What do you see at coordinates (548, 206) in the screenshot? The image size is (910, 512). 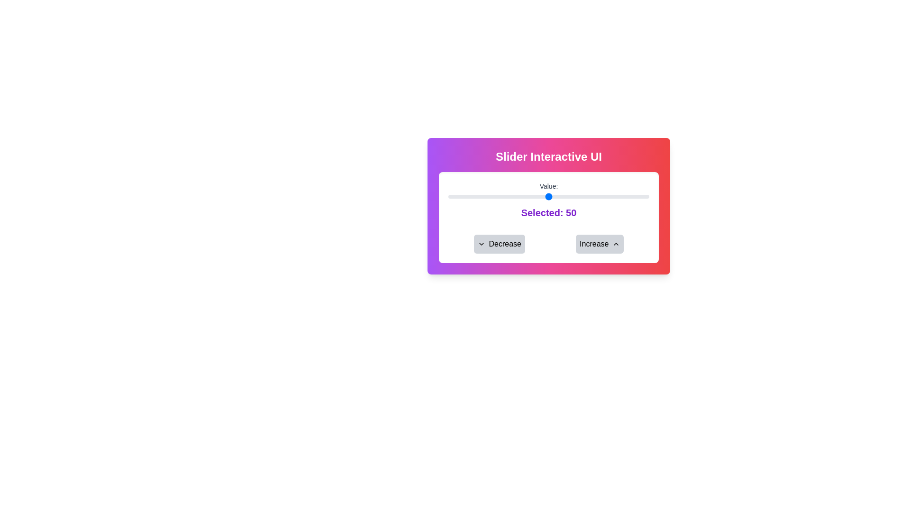 I see `the interactive slider of the component with a gradient background from purple` at bounding box center [548, 206].